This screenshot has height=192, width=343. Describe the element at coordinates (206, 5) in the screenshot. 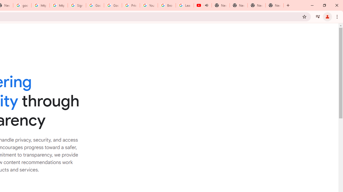

I see `'Mute tab'` at that location.